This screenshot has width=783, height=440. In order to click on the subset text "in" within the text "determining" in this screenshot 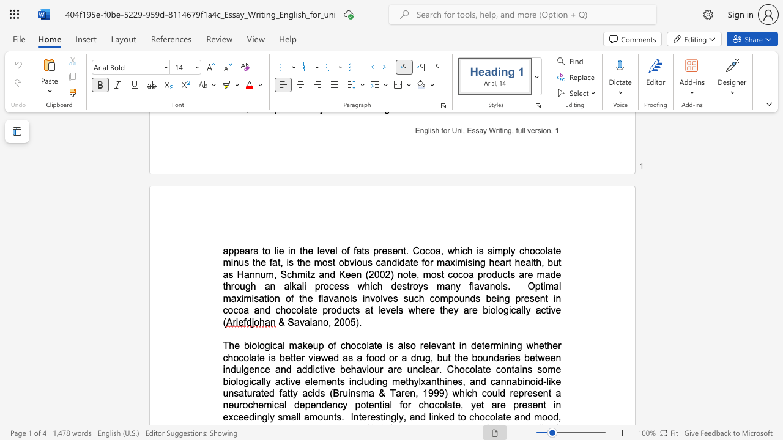, I will do `click(509, 345)`.